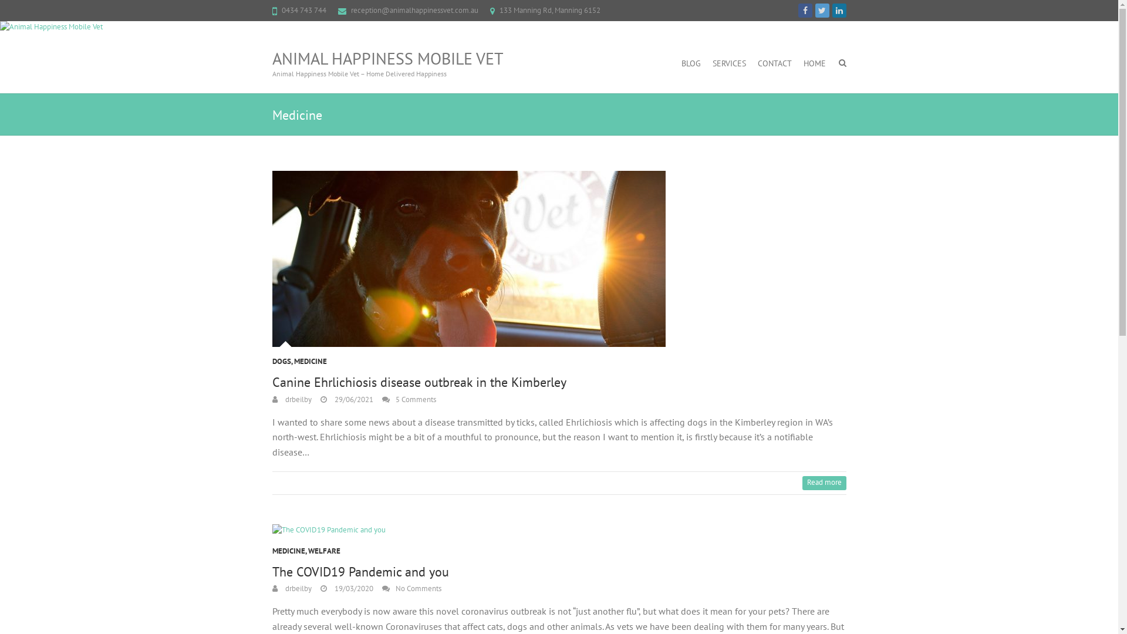  What do you see at coordinates (310, 364) in the screenshot?
I see `'MEDICINE'` at bounding box center [310, 364].